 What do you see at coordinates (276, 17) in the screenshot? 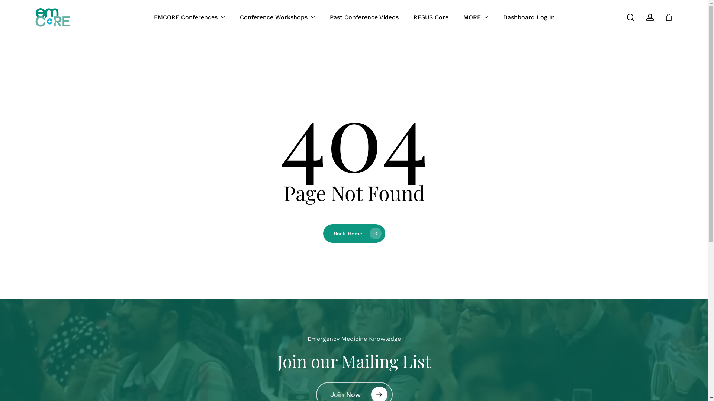
I see `'Conference Workshops'` at bounding box center [276, 17].